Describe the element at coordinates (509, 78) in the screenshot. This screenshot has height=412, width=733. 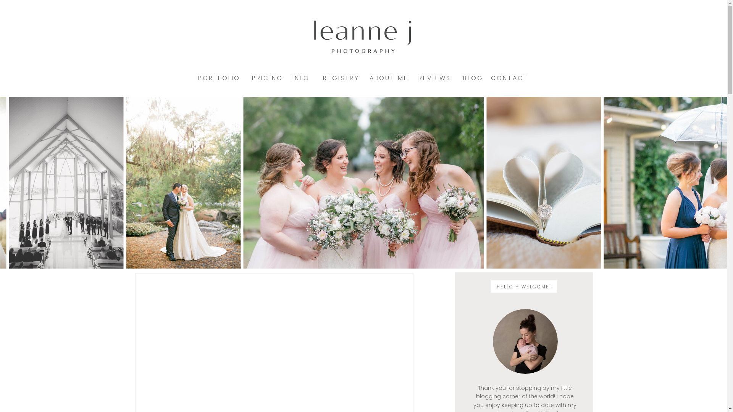
I see `'CONTACT'` at that location.